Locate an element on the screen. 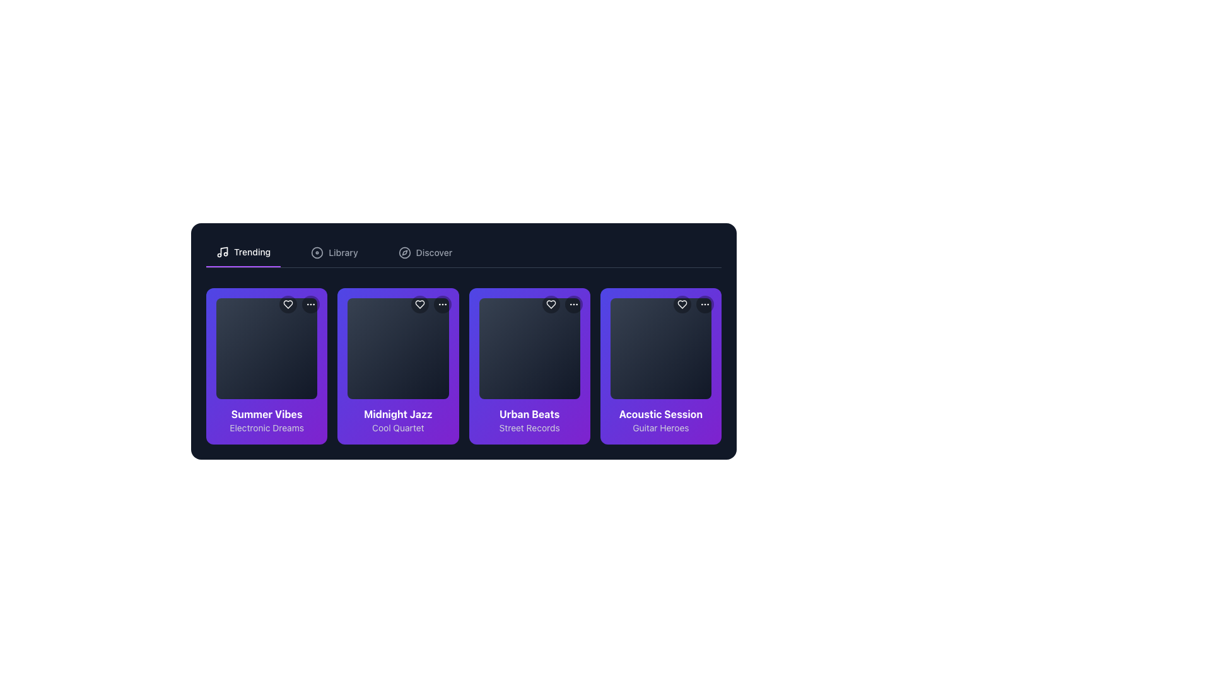 The image size is (1211, 681). the heart icon button located in the top-left corner of the 'Urban Beats' card to favorite the item is located at coordinates (551, 304).